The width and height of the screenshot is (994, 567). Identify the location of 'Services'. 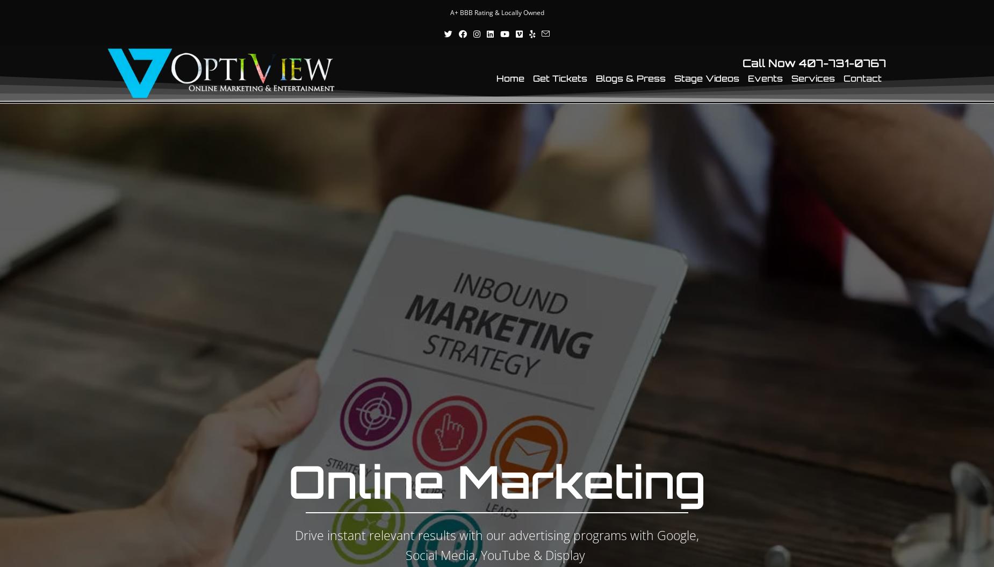
(813, 78).